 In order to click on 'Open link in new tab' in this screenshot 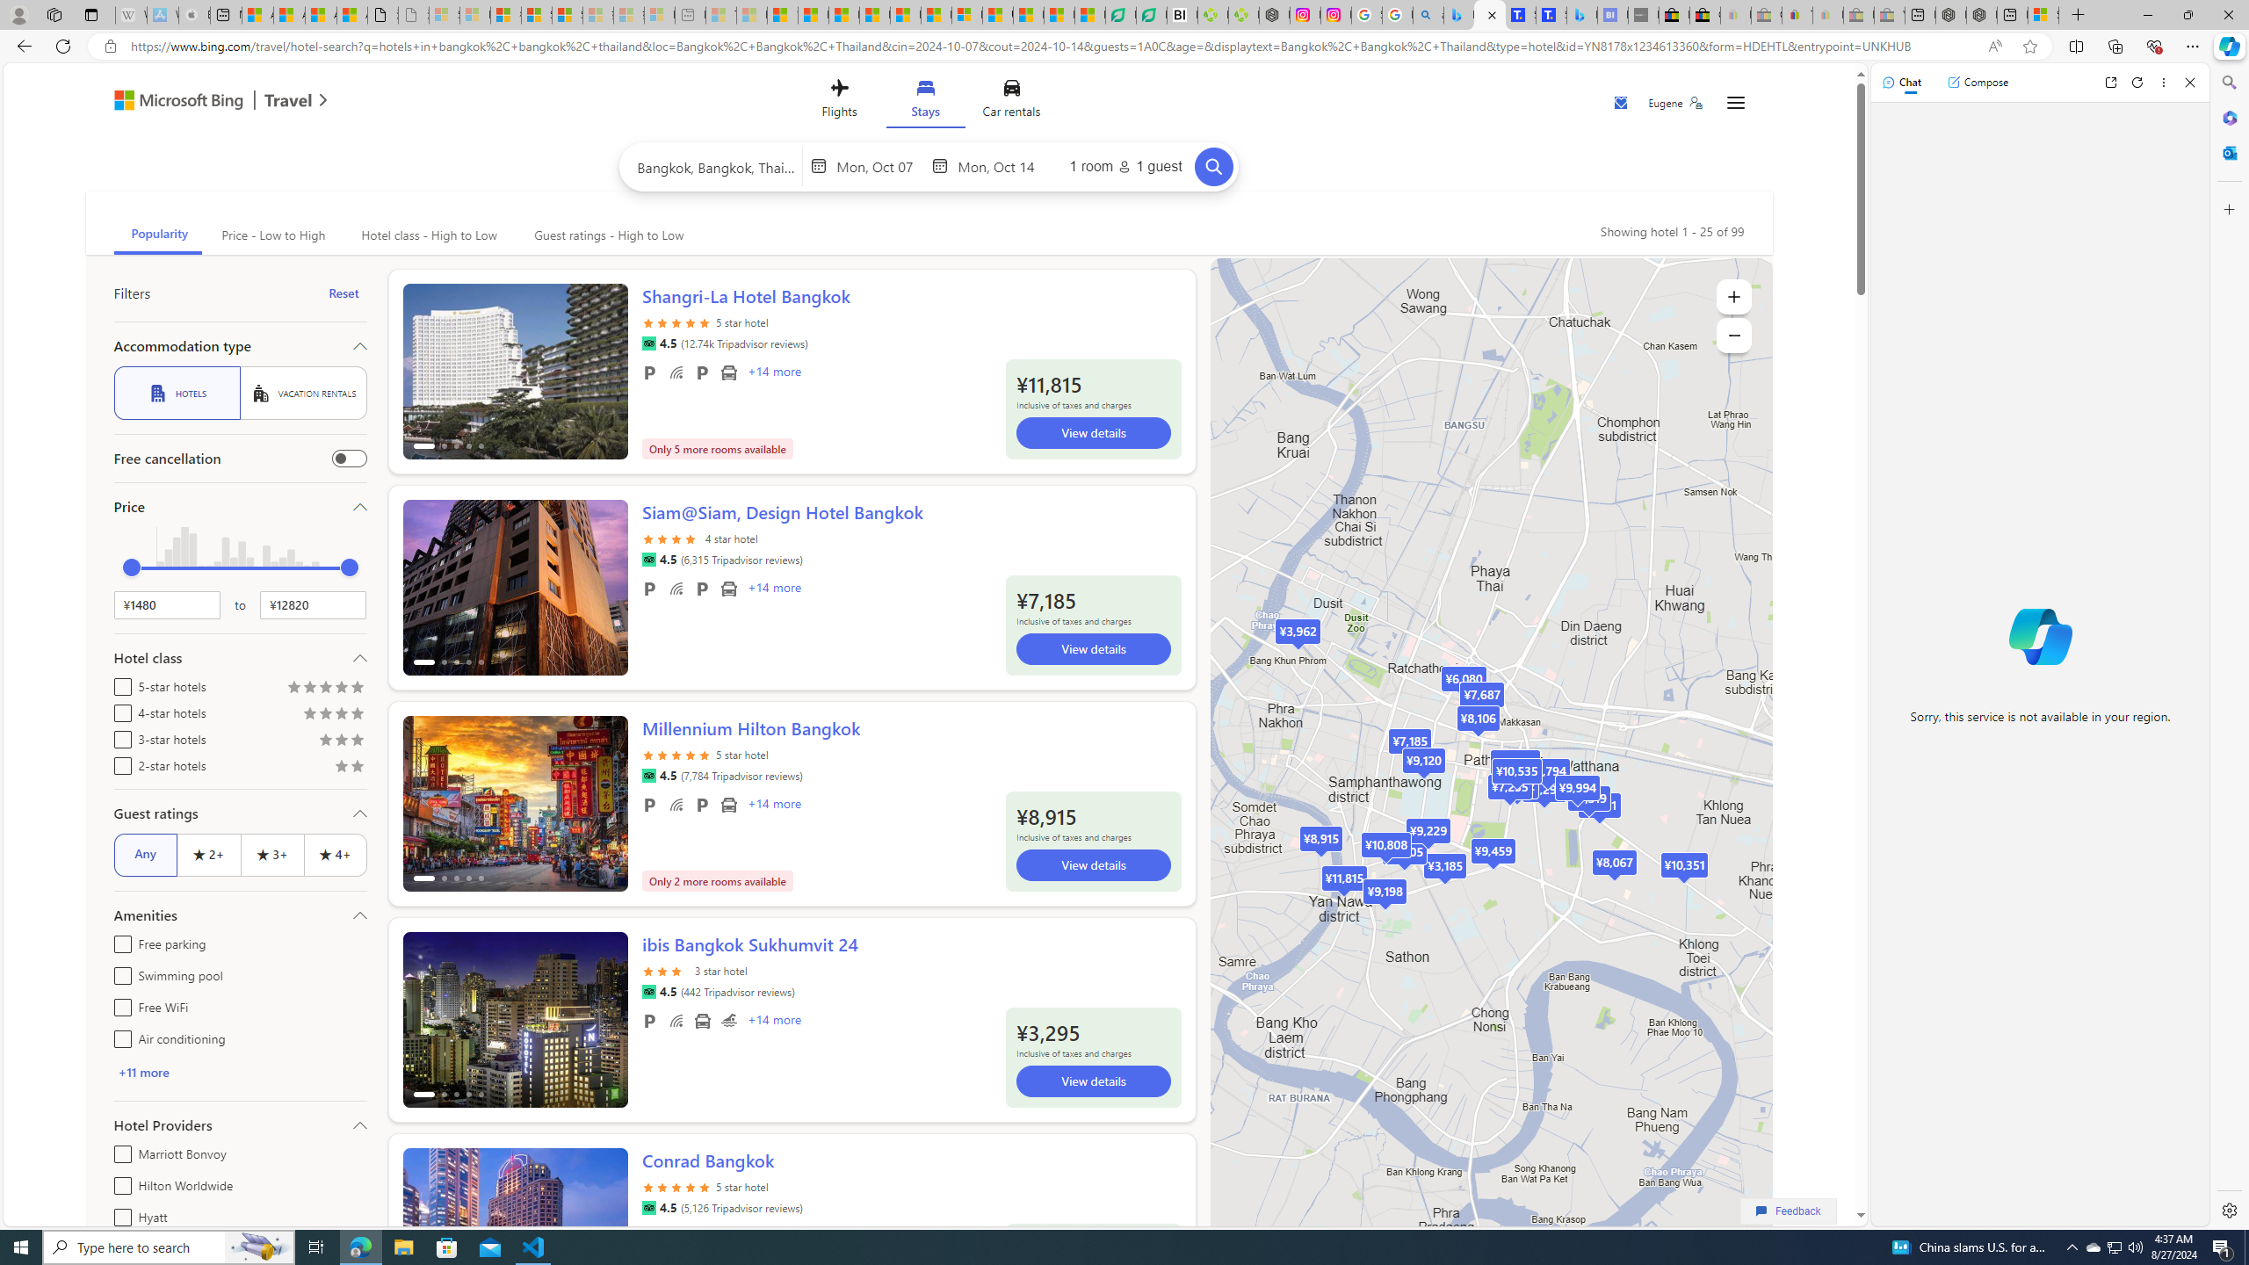, I will do `click(2109, 82)`.